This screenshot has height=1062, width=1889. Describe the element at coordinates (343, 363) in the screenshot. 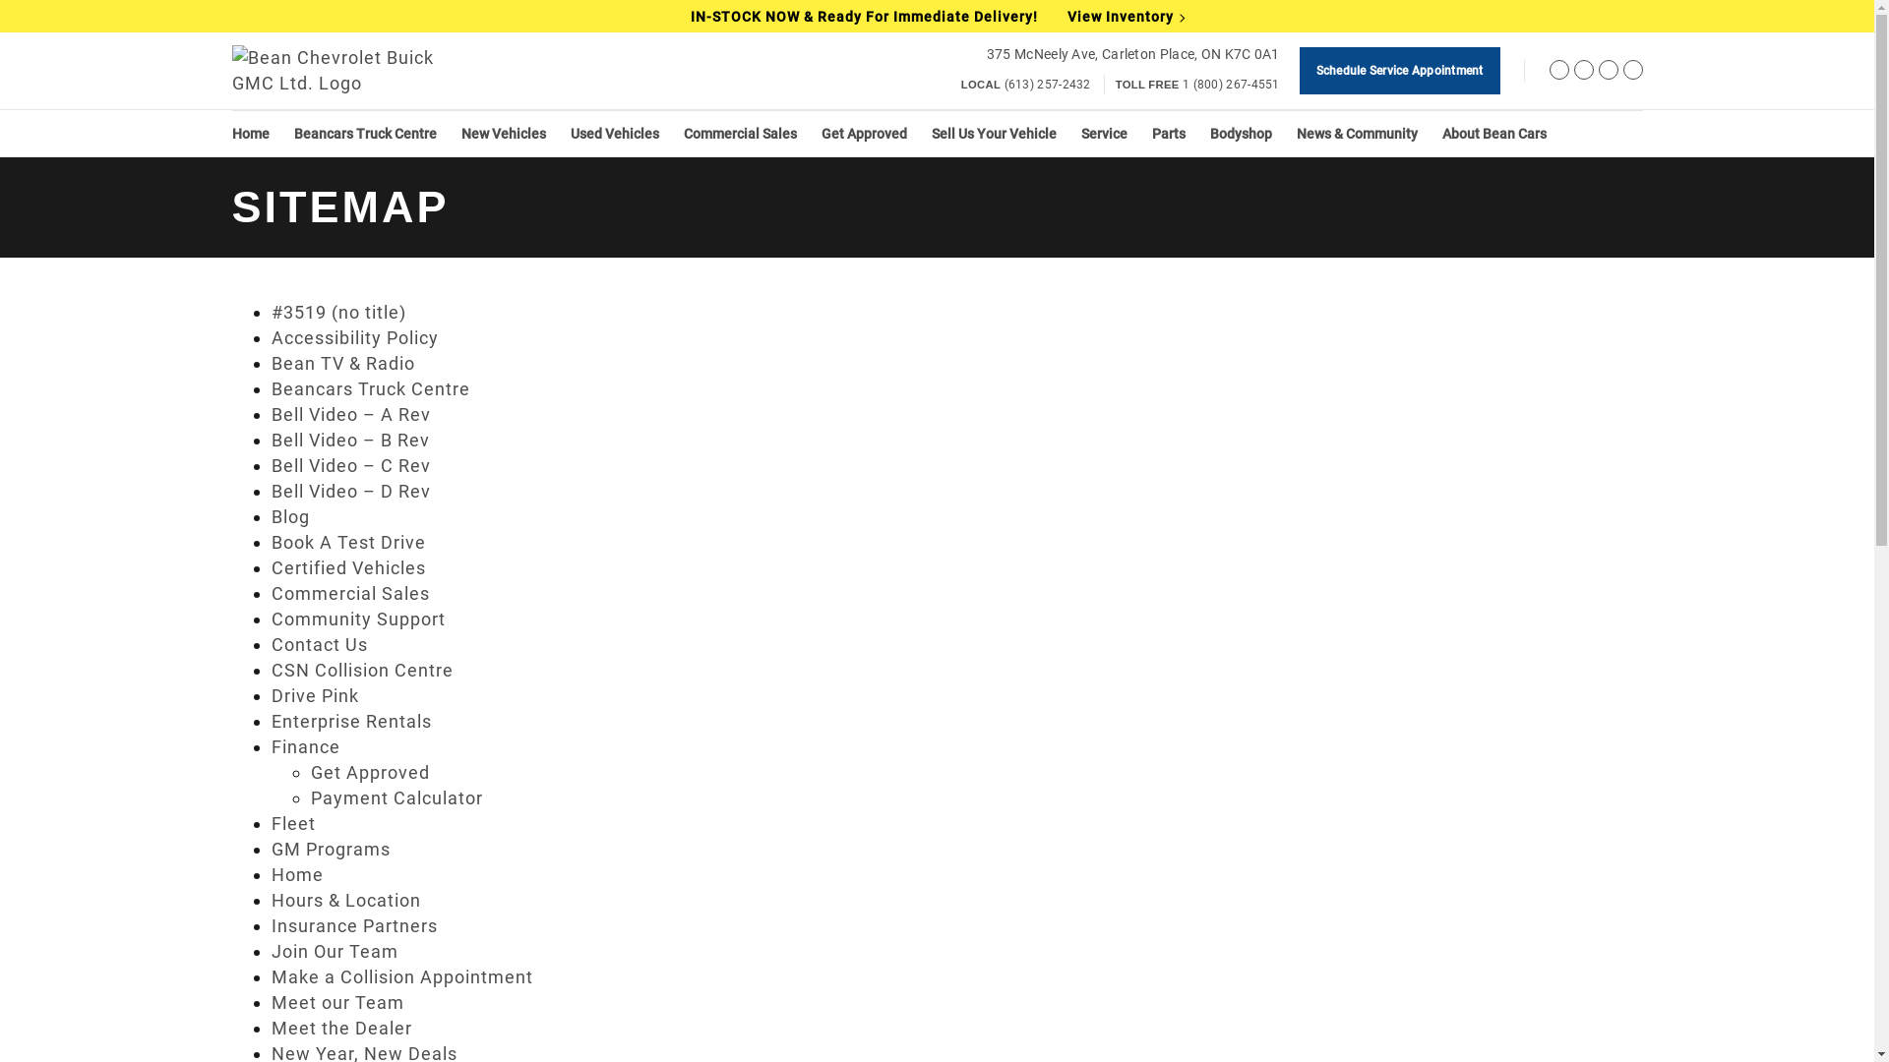

I see `'Bean TV & Radio'` at that location.